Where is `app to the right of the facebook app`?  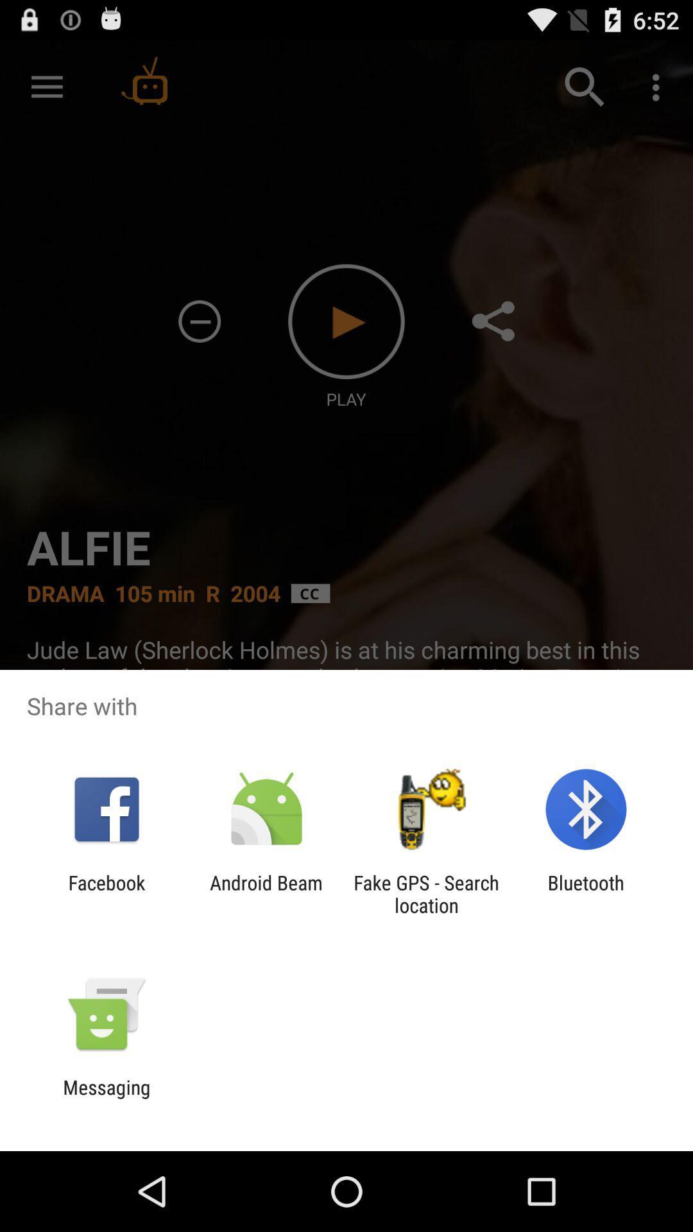 app to the right of the facebook app is located at coordinates (266, 893).